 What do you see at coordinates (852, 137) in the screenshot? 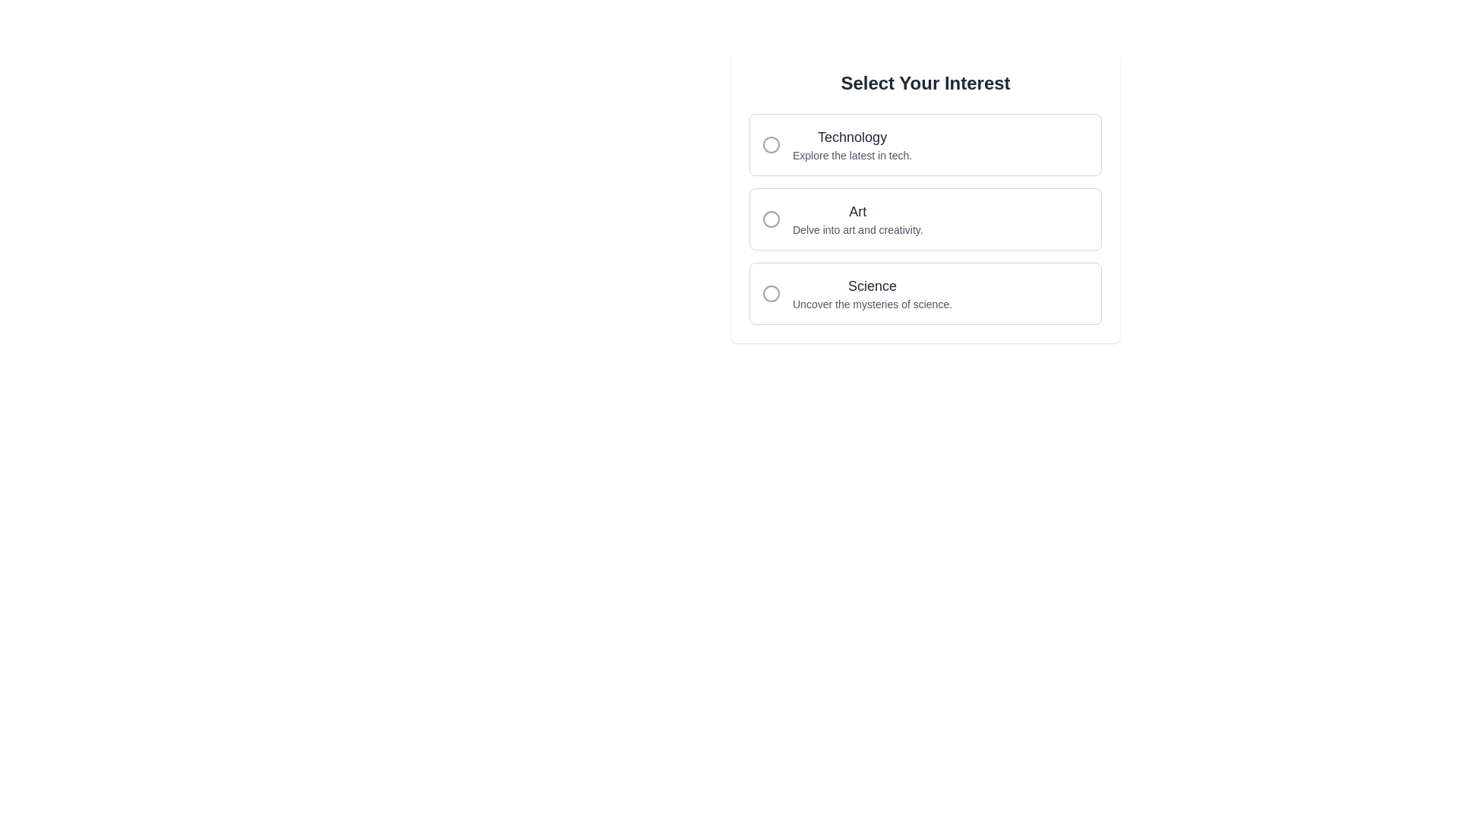
I see `the 'Technology' text element located in the 'Select Your Interest' section, which serves as a title for user selection` at bounding box center [852, 137].